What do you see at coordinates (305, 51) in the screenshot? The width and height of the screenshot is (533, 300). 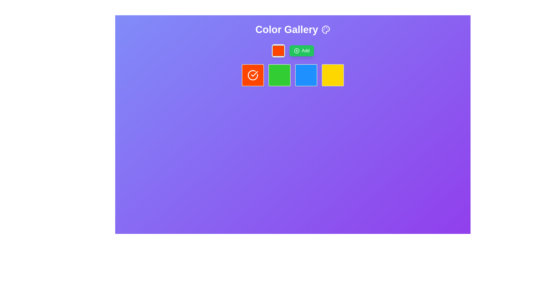 I see `text label that serves as the label for a button to add items, located in the upper-right corner of the interface near the 'Color Gallery' title` at bounding box center [305, 51].